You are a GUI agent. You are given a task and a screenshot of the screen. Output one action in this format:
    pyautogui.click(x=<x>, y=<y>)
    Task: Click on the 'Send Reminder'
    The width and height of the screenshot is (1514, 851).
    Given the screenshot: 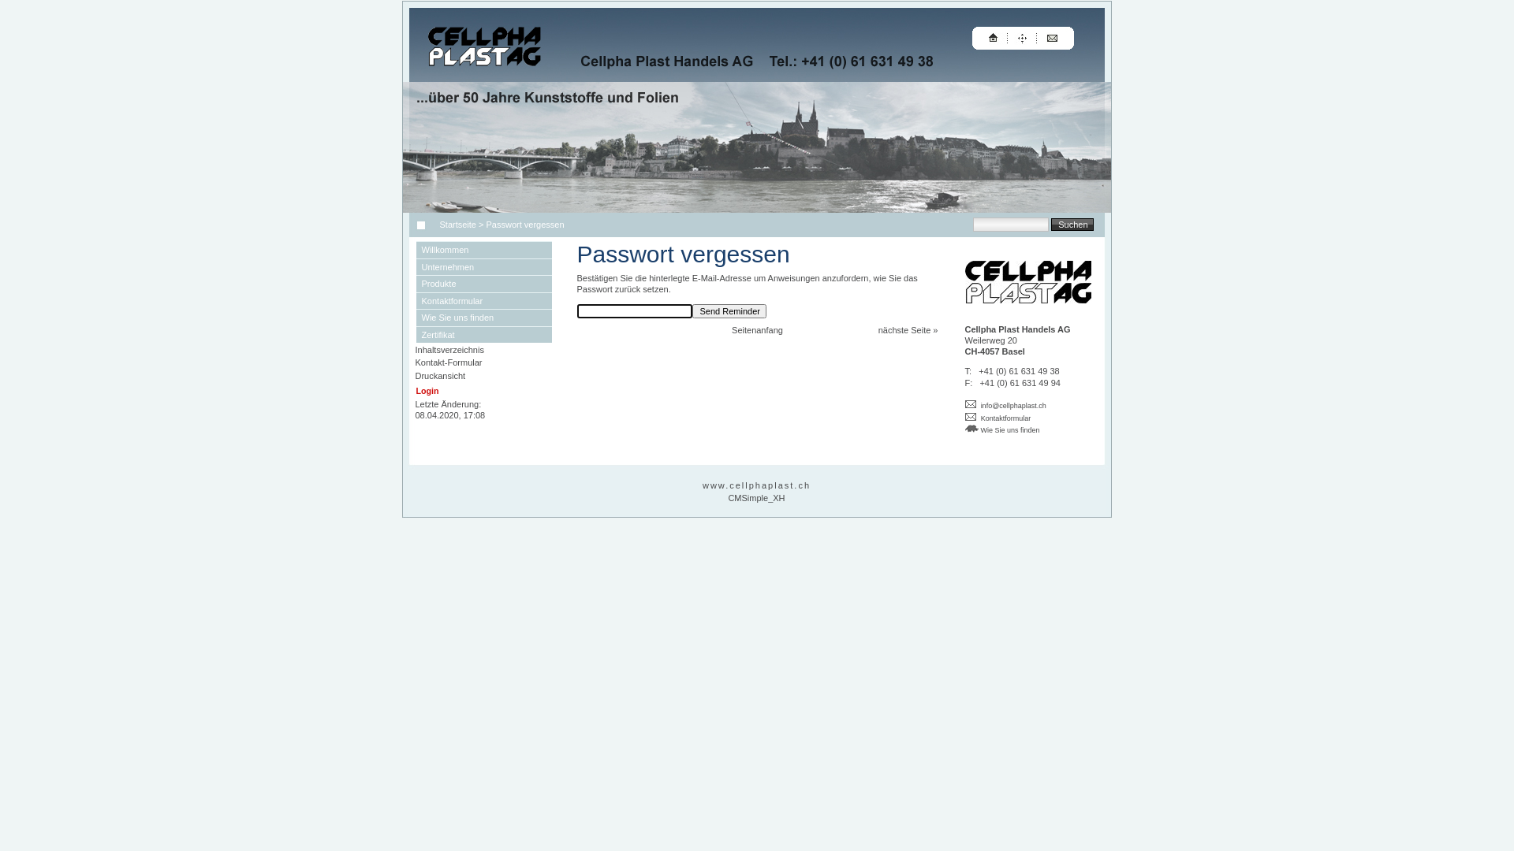 What is the action you would take?
    pyautogui.click(x=729, y=310)
    